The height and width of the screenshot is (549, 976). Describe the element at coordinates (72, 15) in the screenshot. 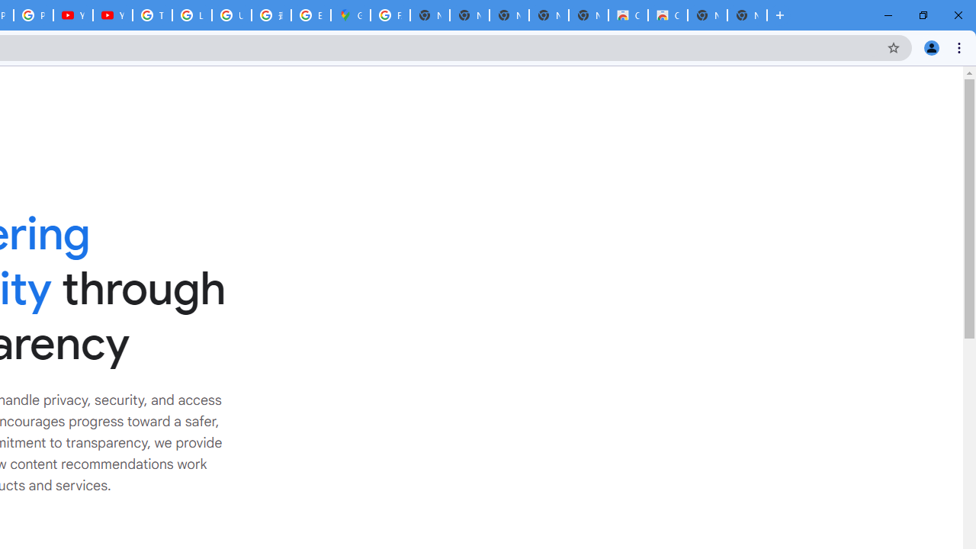

I see `'YouTube'` at that location.